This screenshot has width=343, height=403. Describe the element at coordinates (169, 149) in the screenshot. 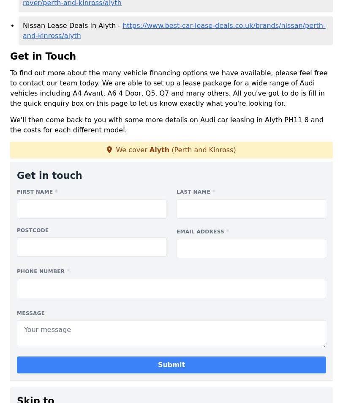

I see `'(Perth and Kinross)'` at that location.